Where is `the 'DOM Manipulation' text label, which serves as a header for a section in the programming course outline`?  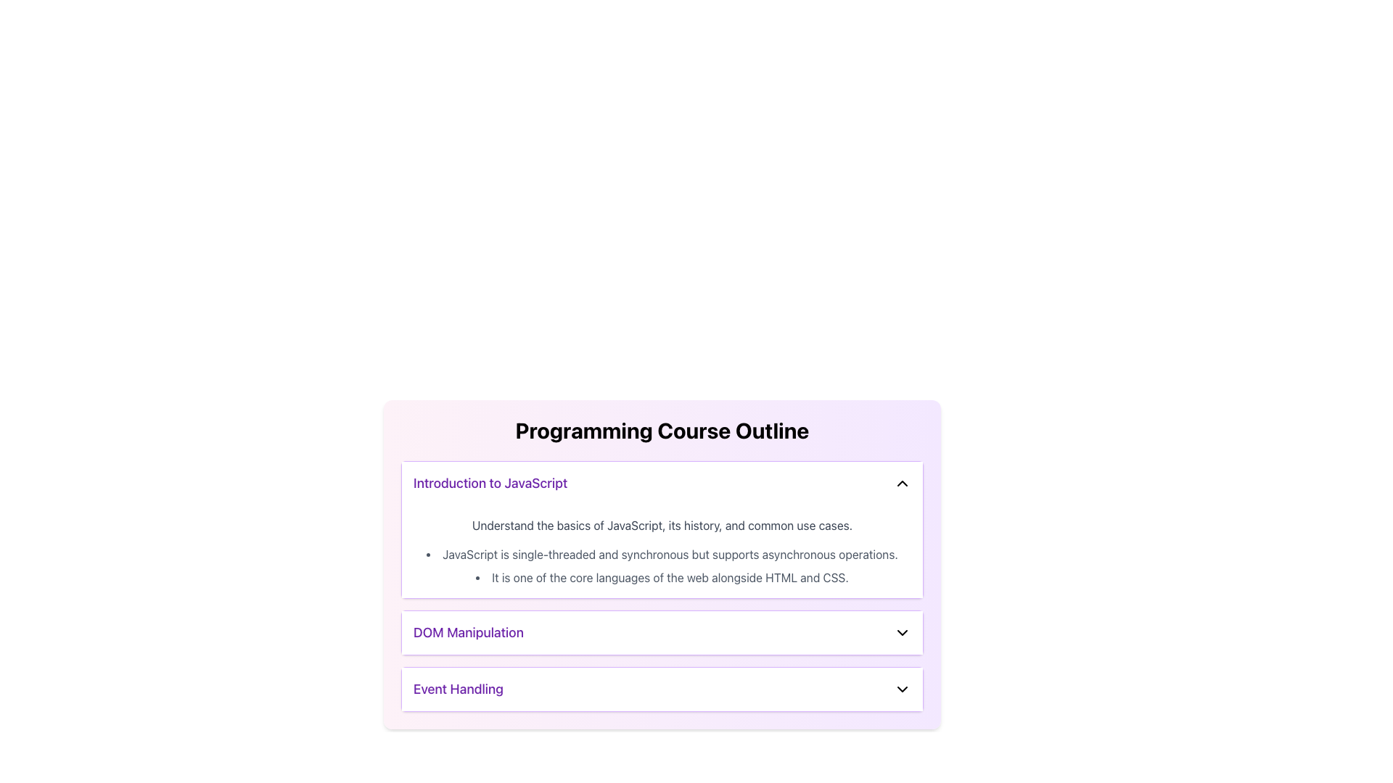
the 'DOM Manipulation' text label, which serves as a header for a section in the programming course outline is located at coordinates (468, 631).